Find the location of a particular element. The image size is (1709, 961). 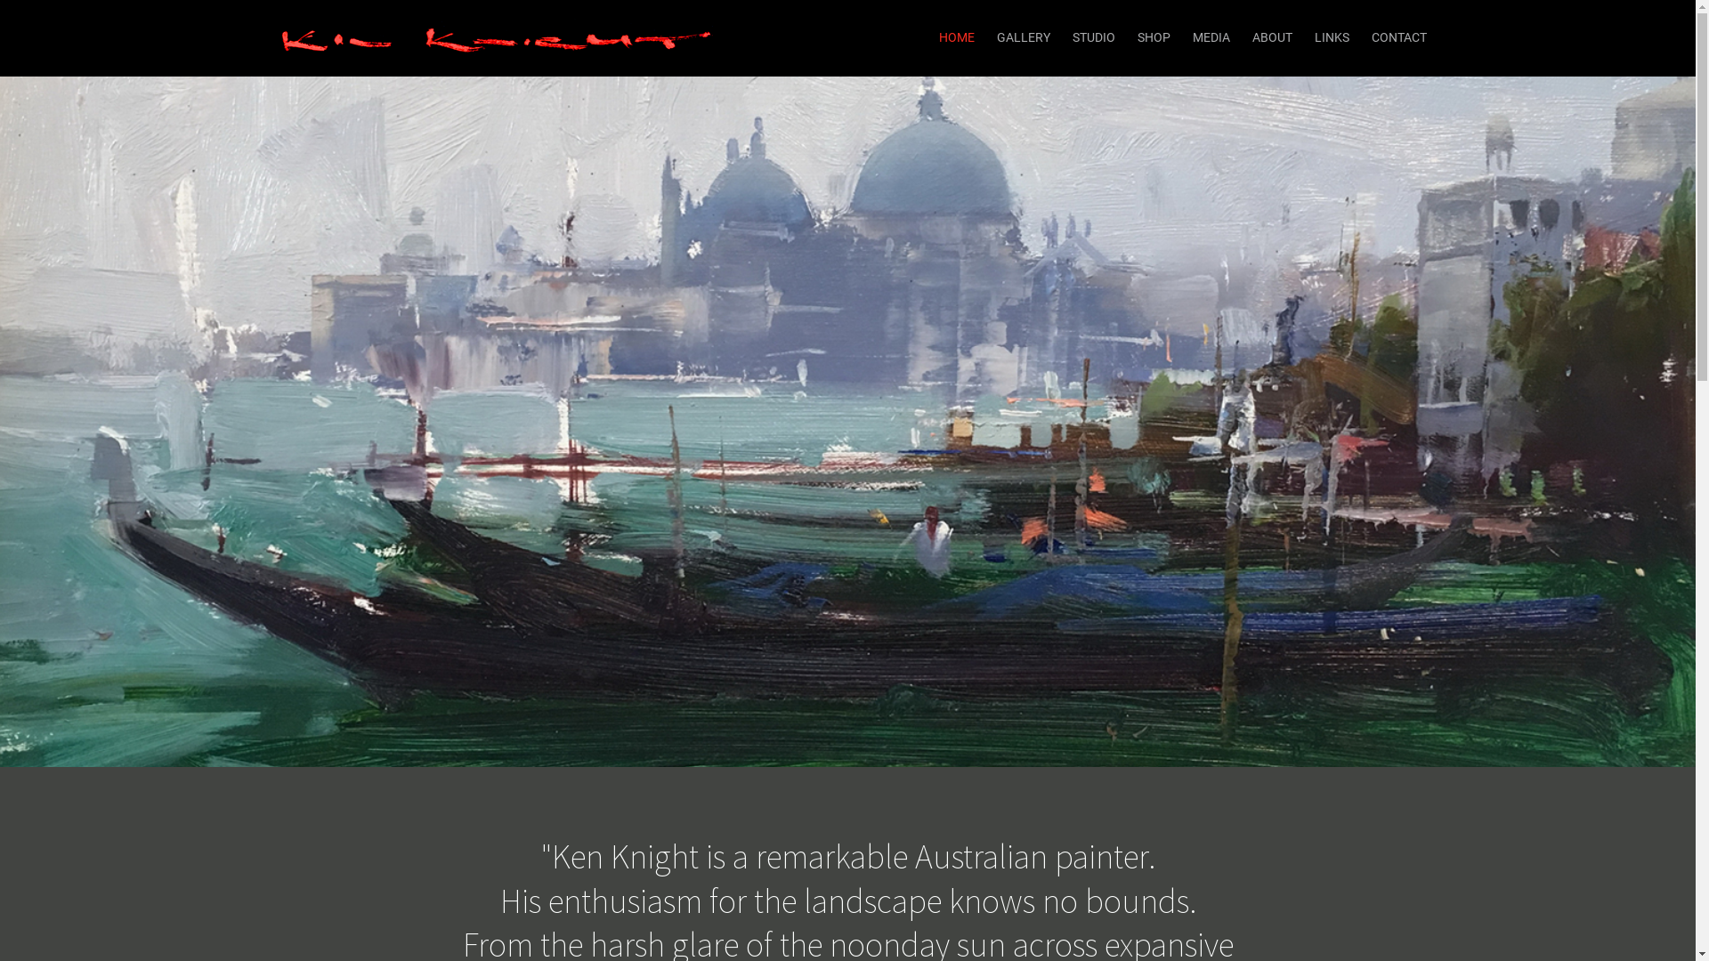

'LINKS' is located at coordinates (1331, 37).